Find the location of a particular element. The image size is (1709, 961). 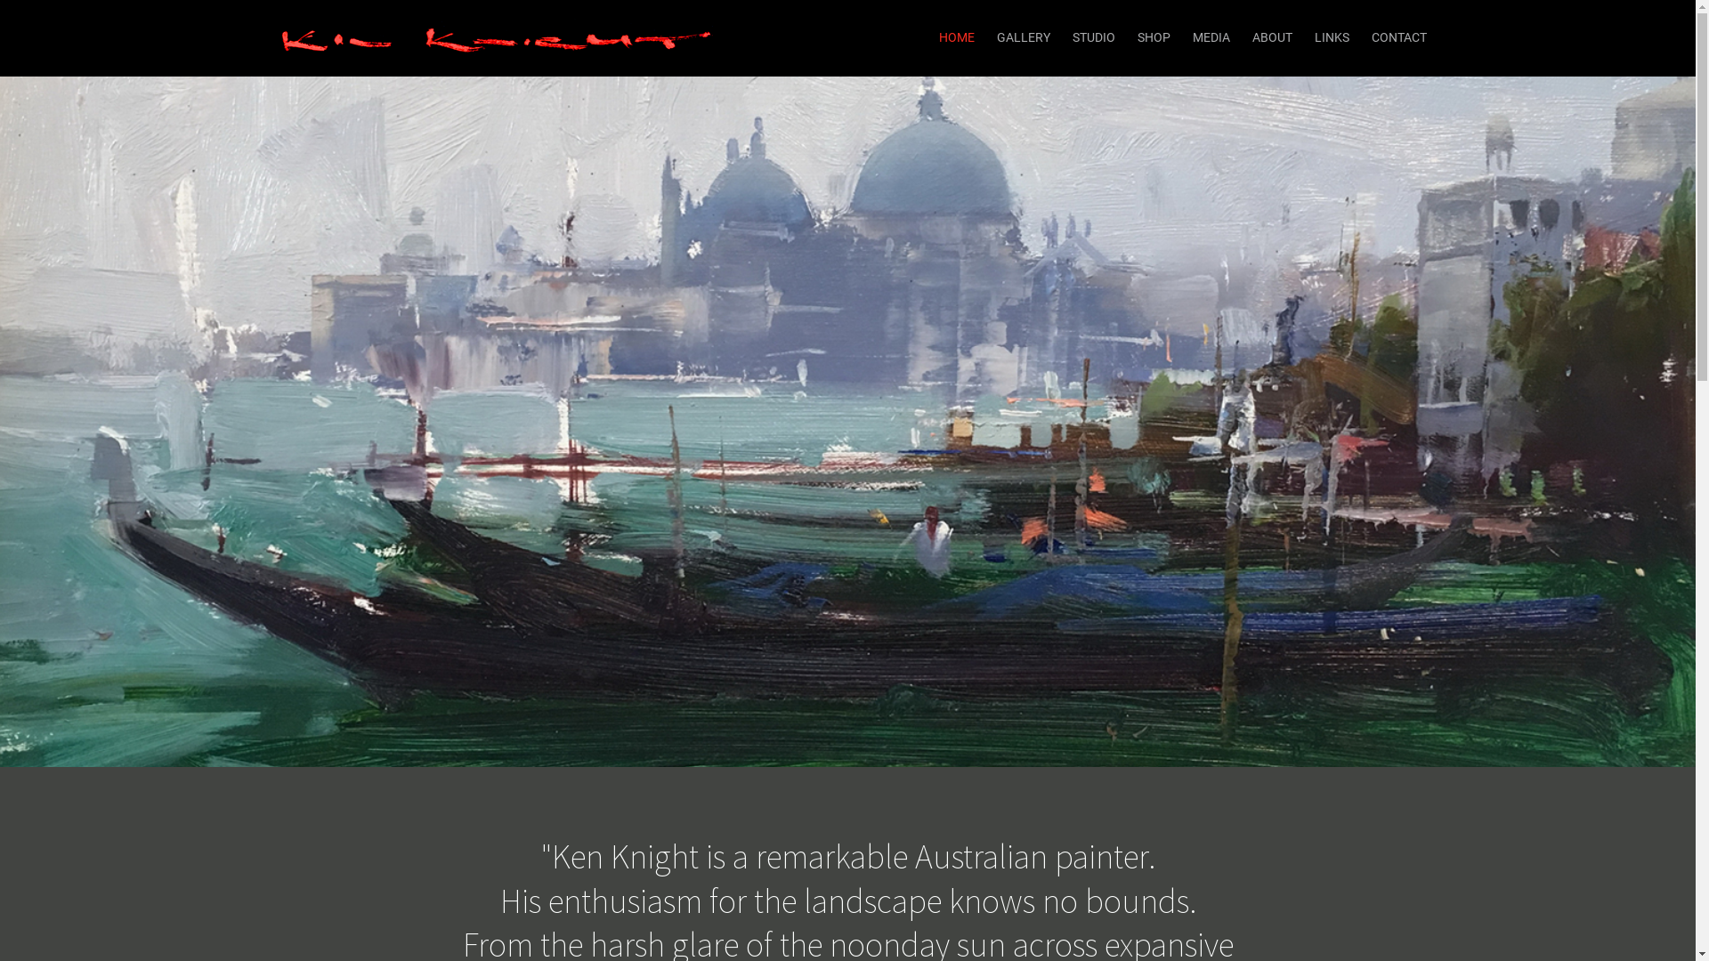

'LINKS' is located at coordinates (1331, 37).